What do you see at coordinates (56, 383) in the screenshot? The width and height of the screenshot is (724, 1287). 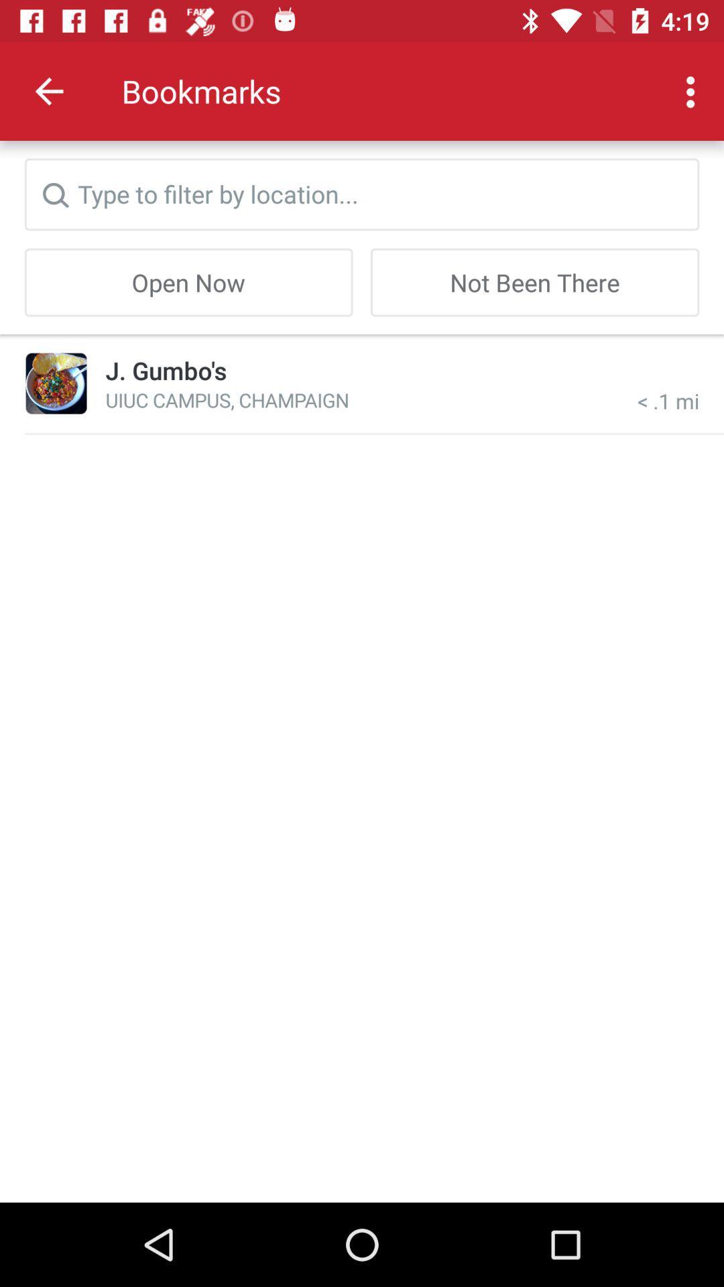 I see `icon below the open now item` at bounding box center [56, 383].